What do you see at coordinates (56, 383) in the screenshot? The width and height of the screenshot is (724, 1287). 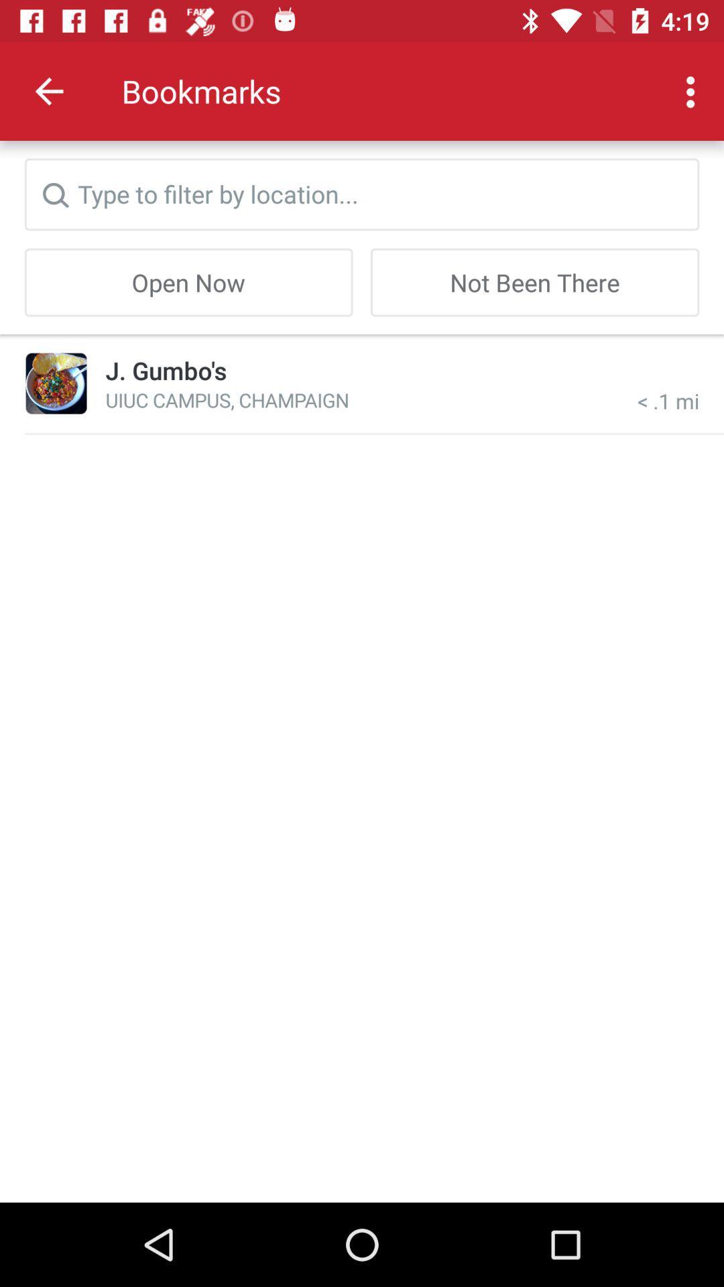 I see `icon below the open now item` at bounding box center [56, 383].